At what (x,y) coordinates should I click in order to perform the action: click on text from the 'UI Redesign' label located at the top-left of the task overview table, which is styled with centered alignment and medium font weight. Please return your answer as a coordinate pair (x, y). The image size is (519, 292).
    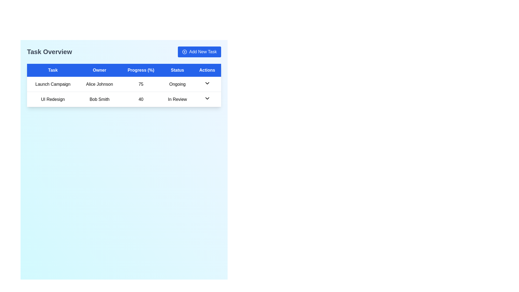
    Looking at the image, I should click on (53, 99).